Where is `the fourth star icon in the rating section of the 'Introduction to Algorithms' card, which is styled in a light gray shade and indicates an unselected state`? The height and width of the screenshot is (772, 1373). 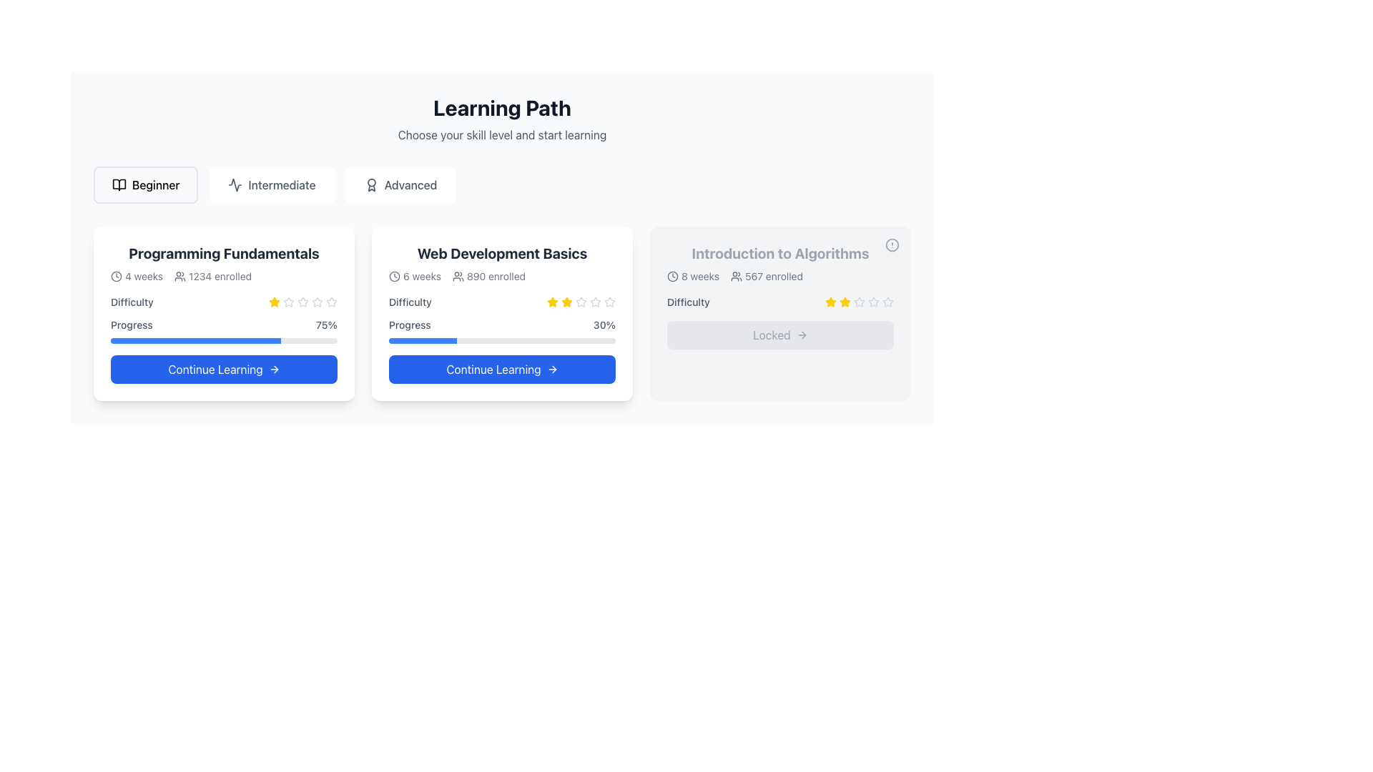 the fourth star icon in the rating section of the 'Introduction to Algorithms' card, which is styled in a light gray shade and indicates an unselected state is located at coordinates (858, 301).